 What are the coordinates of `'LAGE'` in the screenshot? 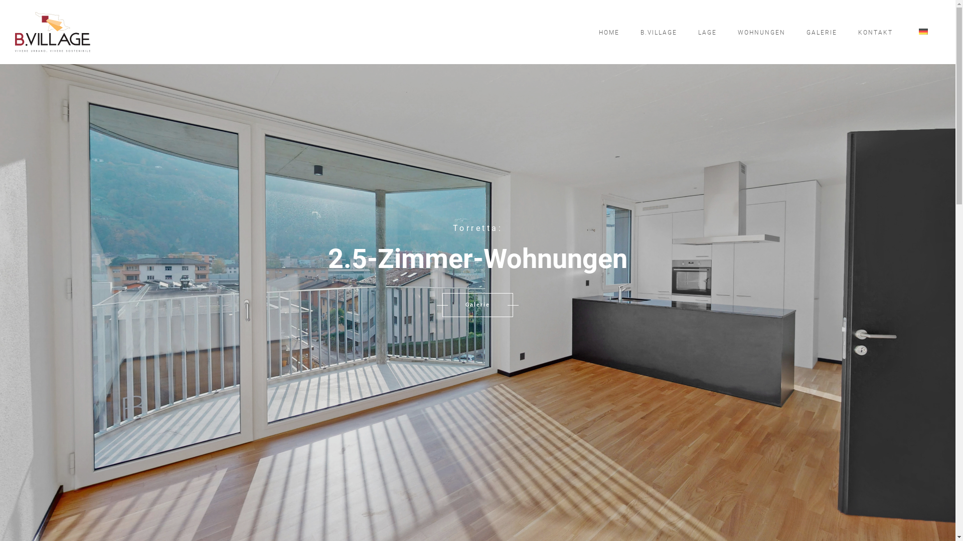 It's located at (707, 32).